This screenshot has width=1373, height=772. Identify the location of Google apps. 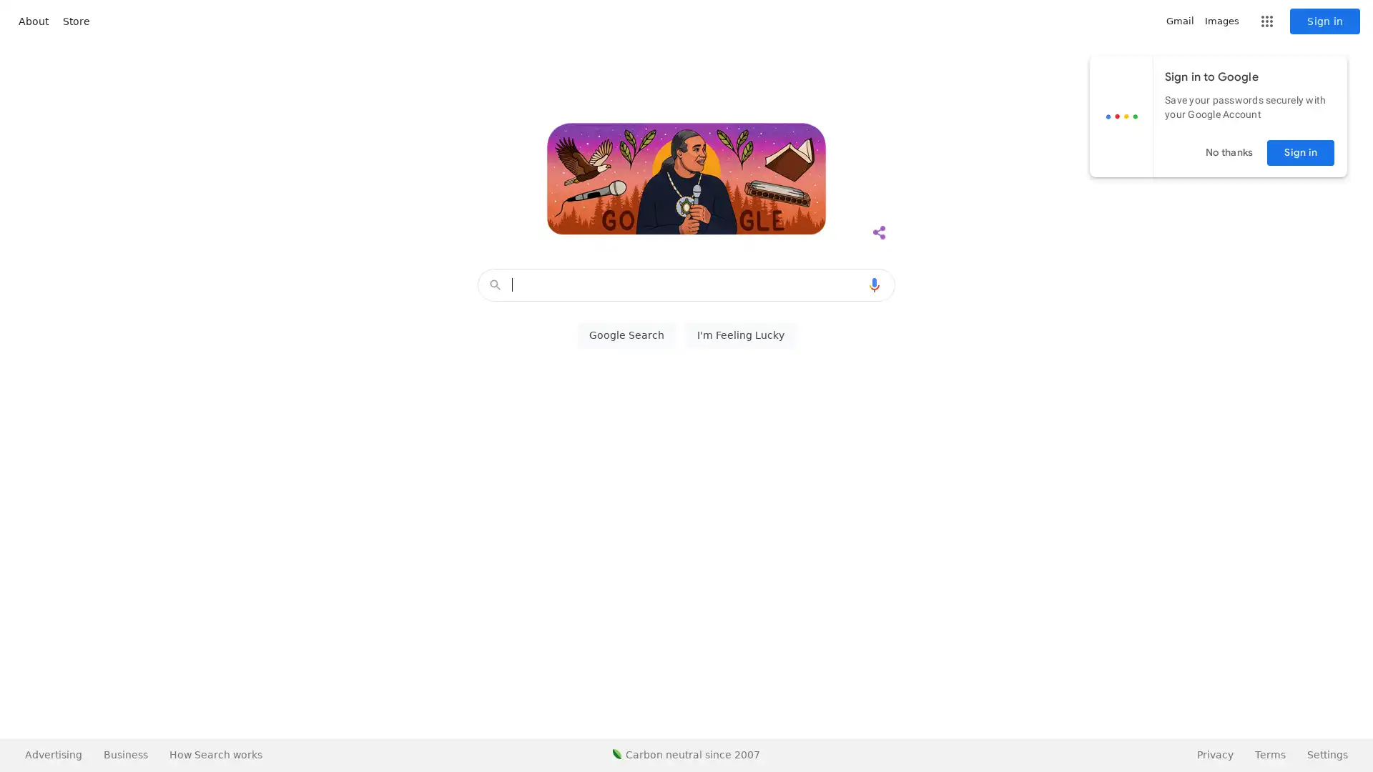
(1266, 21).